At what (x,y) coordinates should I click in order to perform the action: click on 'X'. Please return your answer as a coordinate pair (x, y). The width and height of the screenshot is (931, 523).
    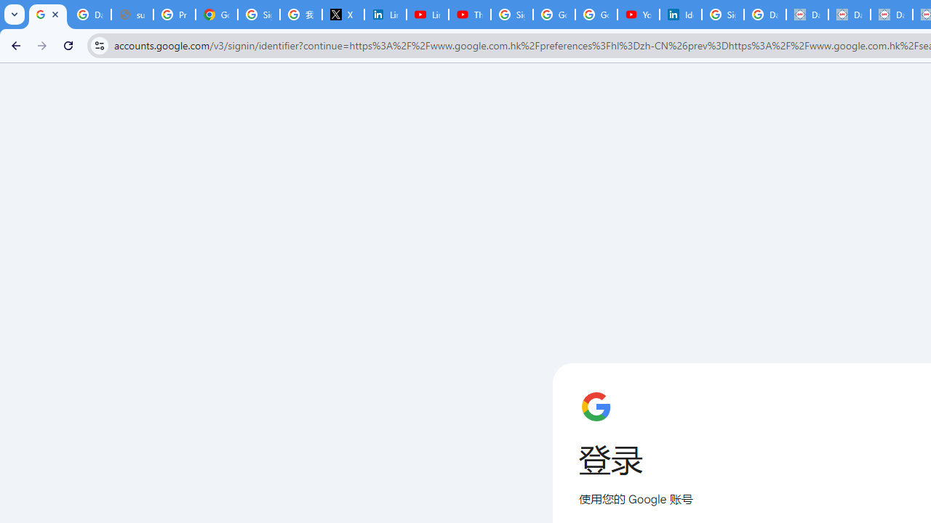
    Looking at the image, I should click on (342, 15).